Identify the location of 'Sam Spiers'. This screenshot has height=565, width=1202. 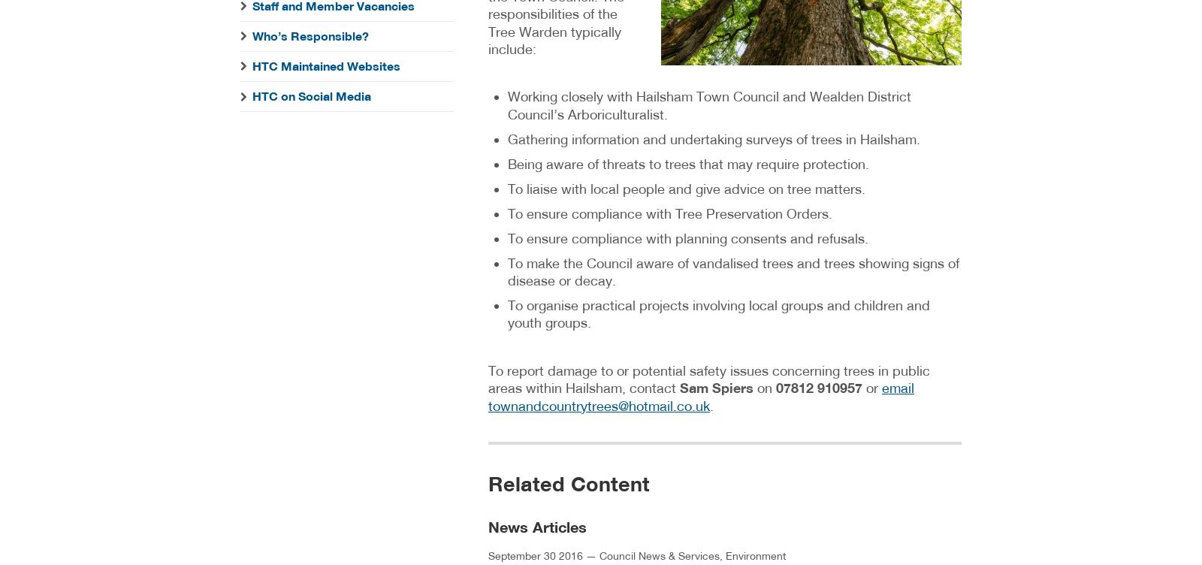
(678, 387).